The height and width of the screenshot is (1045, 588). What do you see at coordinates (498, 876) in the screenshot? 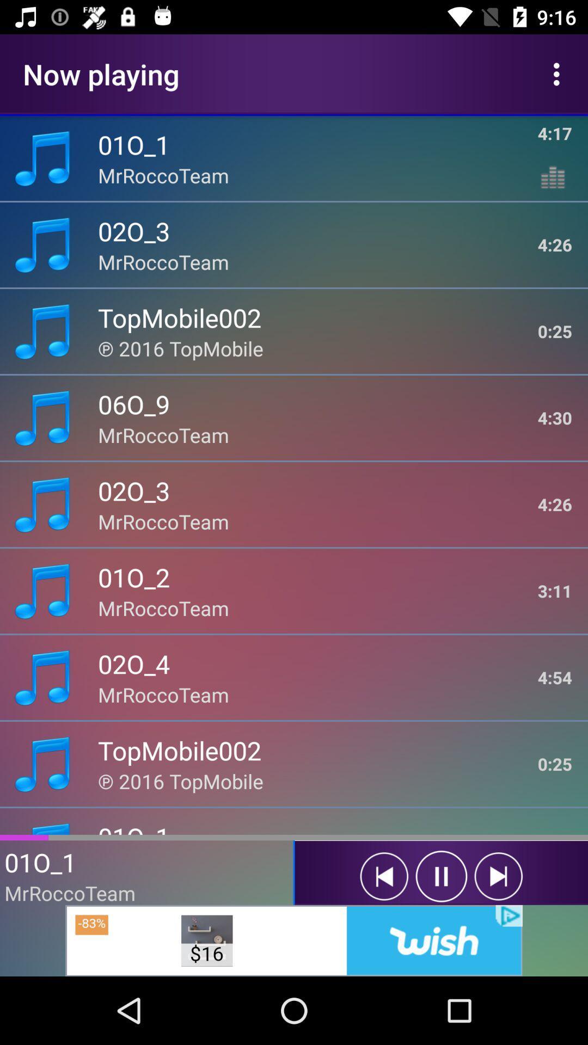
I see `next song` at bounding box center [498, 876].